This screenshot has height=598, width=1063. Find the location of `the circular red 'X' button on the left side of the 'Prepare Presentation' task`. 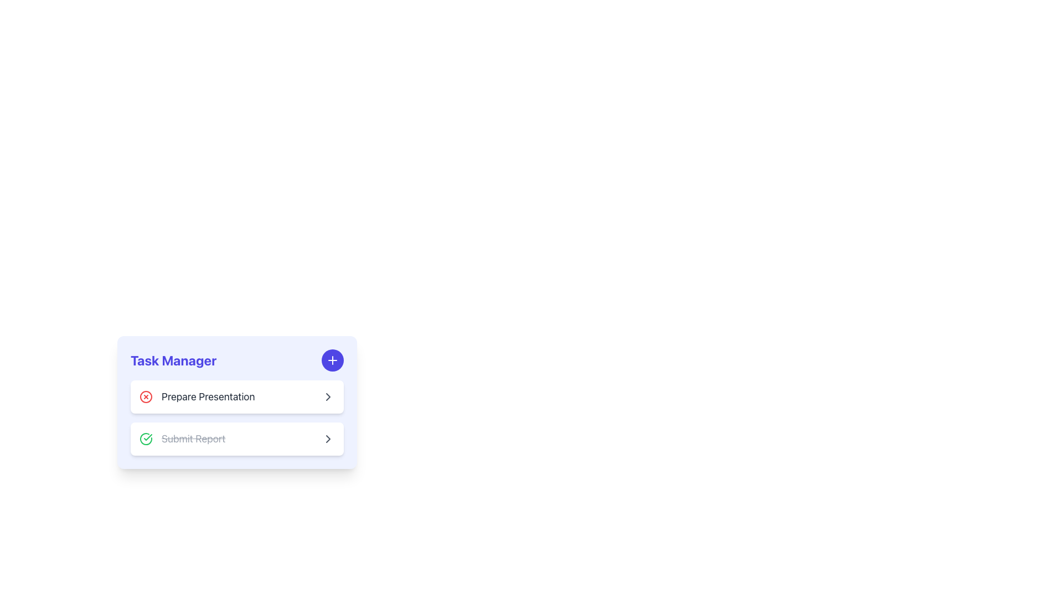

the circular red 'X' button on the left side of the 'Prepare Presentation' task is located at coordinates (146, 396).